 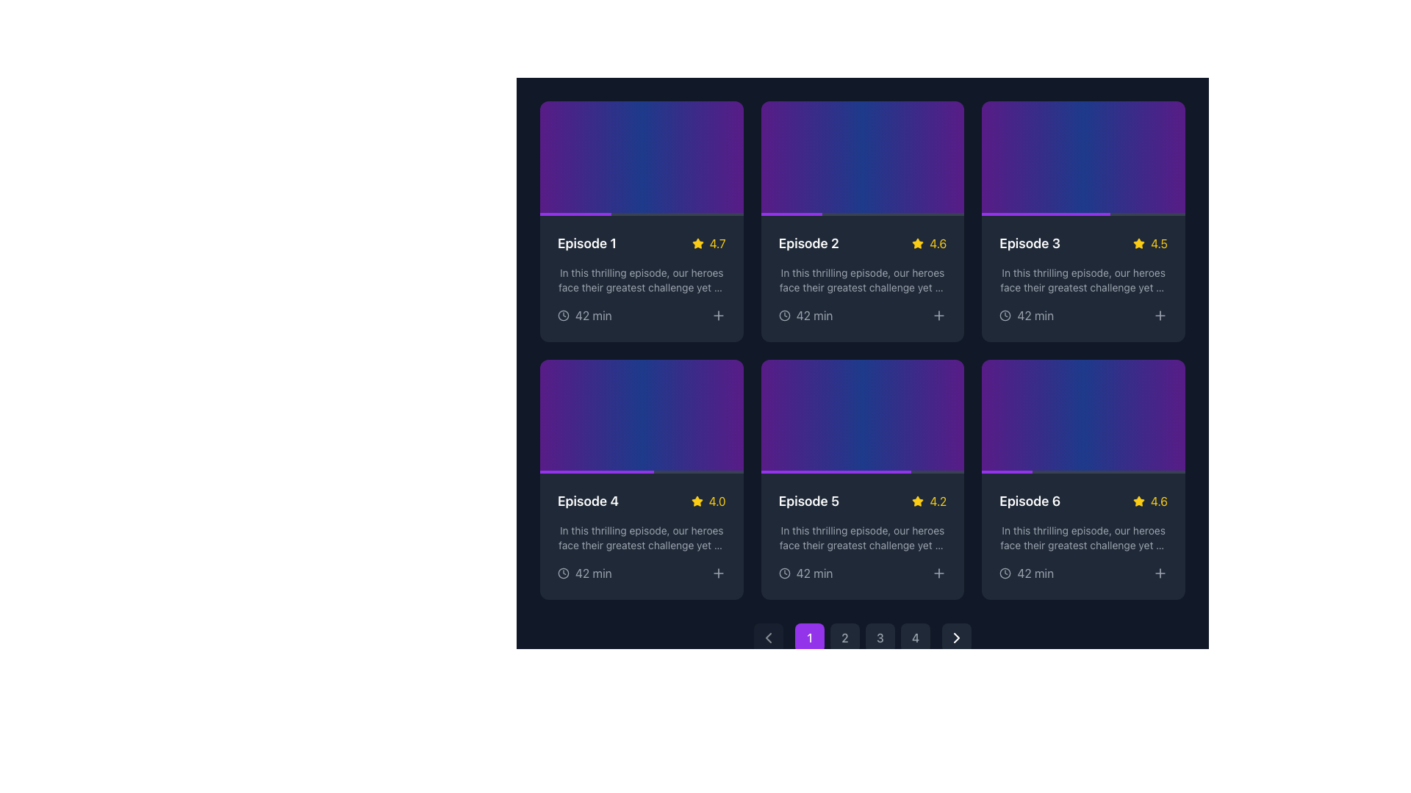 I want to click on the circular button with a purple background displaying the number '1', so click(x=809, y=637).